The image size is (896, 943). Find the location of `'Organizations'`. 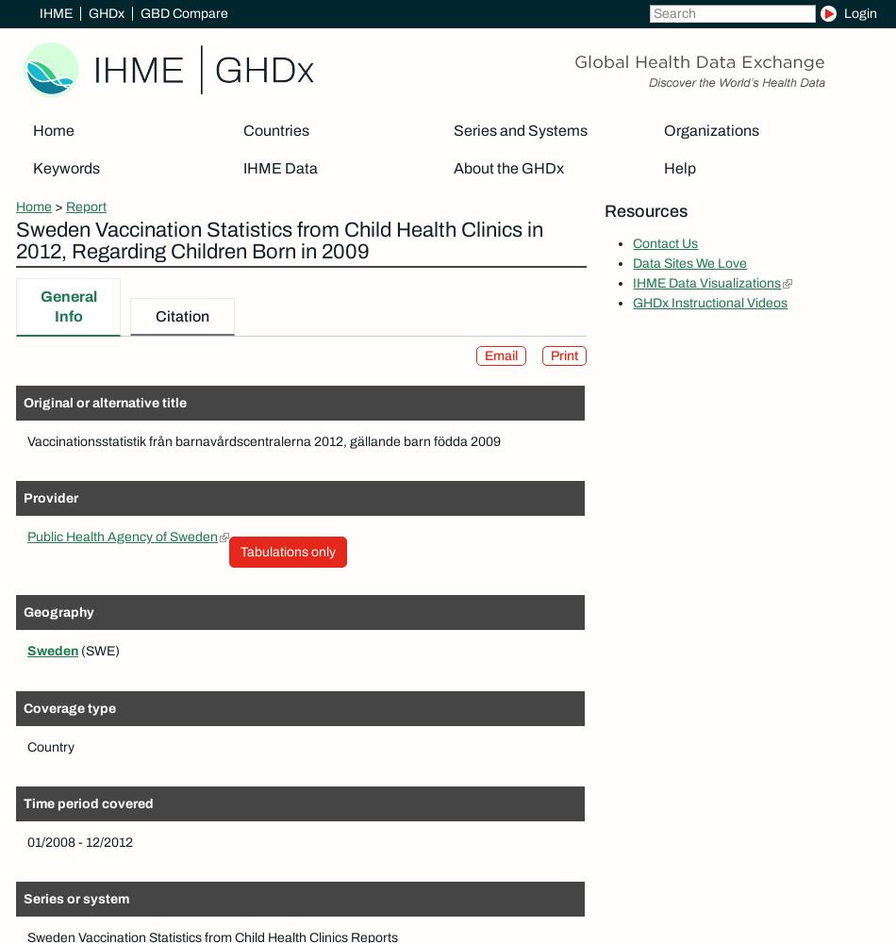

'Organizations' is located at coordinates (709, 130).